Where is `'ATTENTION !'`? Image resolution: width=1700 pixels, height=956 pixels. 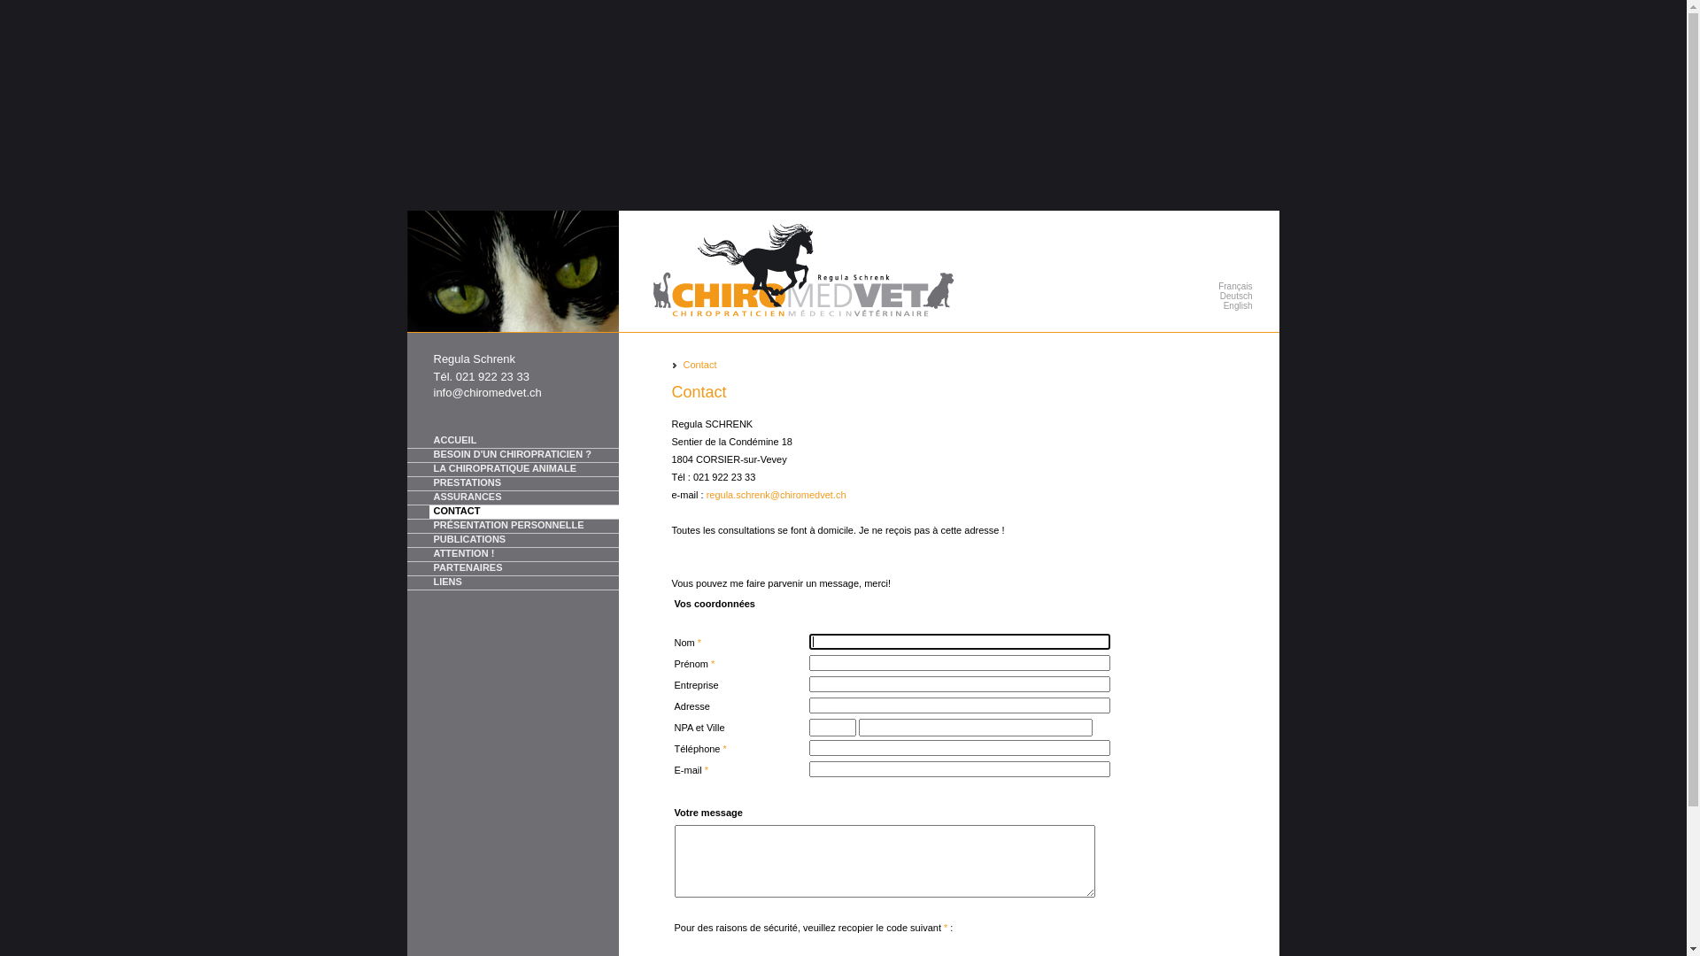
'ATTENTION !' is located at coordinates (406, 554).